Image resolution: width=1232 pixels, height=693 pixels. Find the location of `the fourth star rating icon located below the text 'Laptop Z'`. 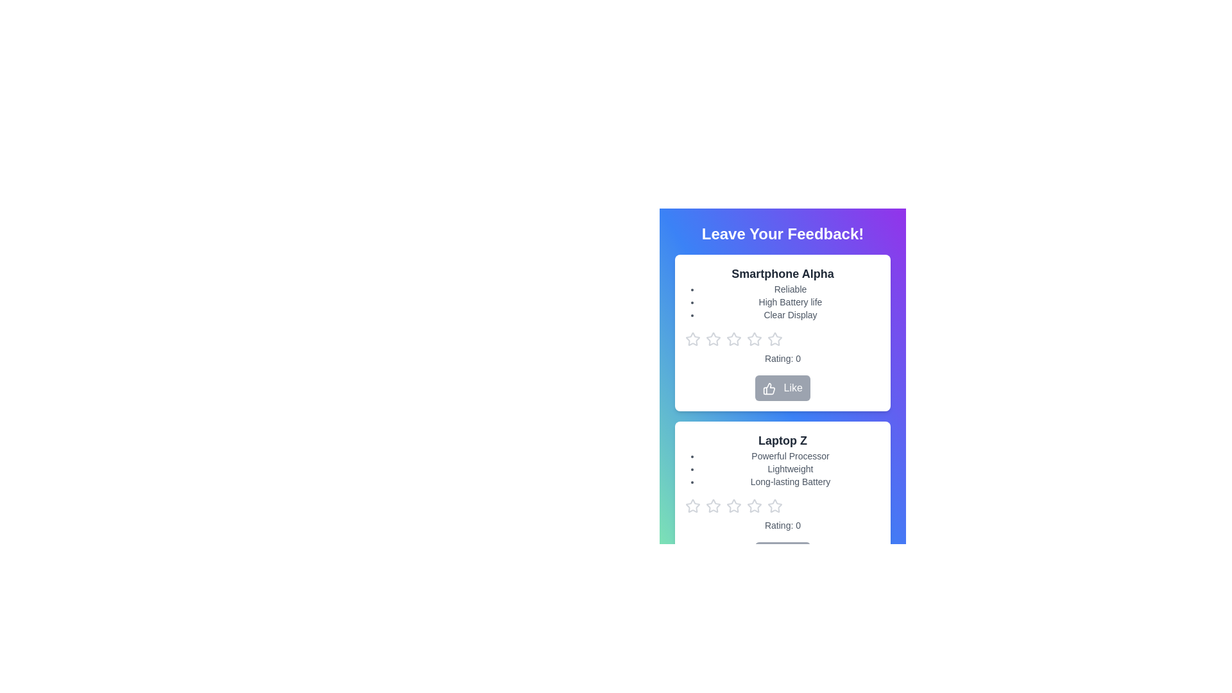

the fourth star rating icon located below the text 'Laptop Z' is located at coordinates (774, 505).